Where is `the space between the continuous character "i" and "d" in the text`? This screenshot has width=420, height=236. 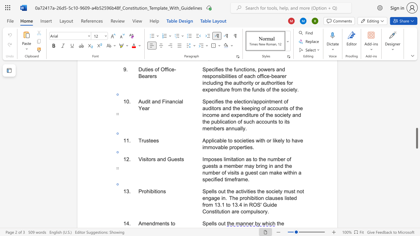 the space between the continuous character "i" and "d" in the text is located at coordinates (271, 205).